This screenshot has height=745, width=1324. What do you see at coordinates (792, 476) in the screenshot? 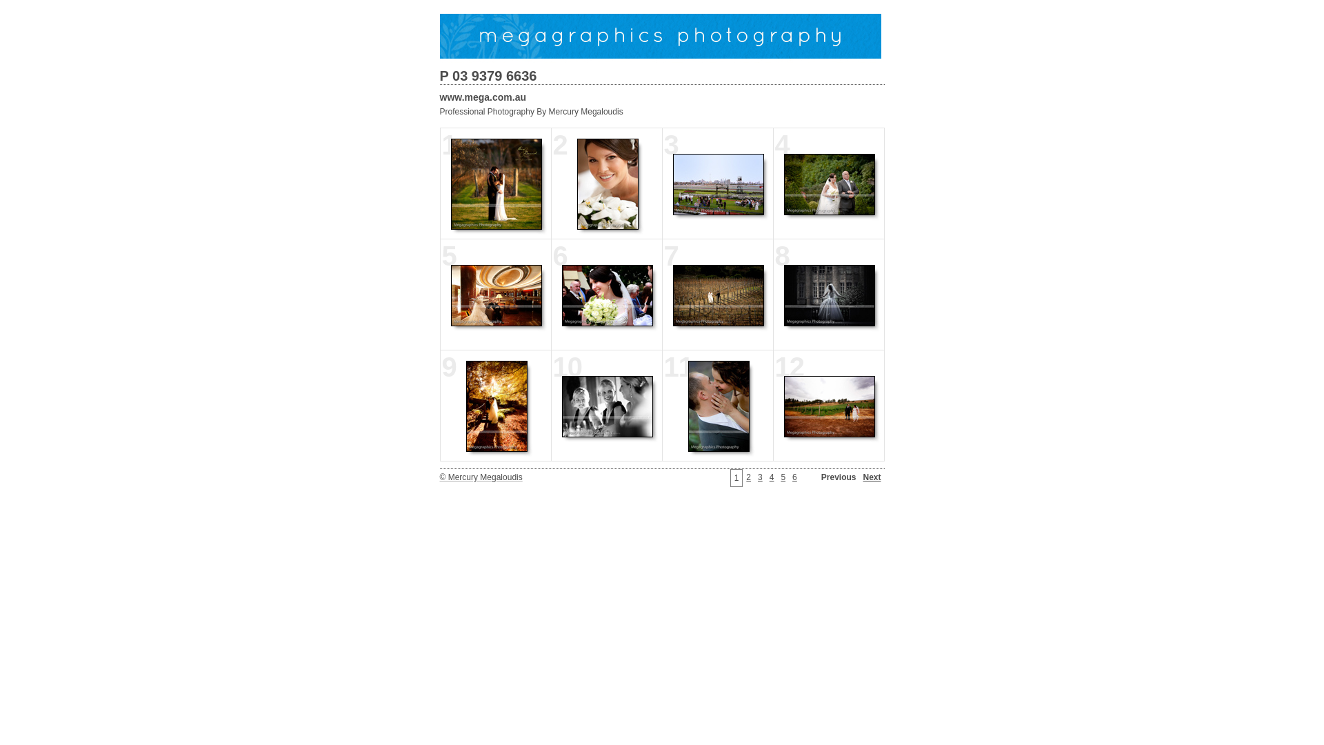
I see `'6'` at bounding box center [792, 476].